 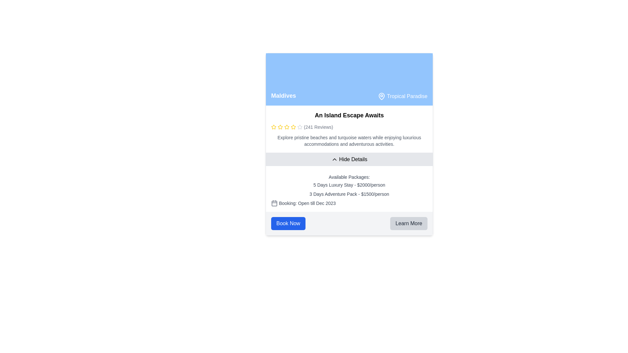 What do you see at coordinates (318, 127) in the screenshot?
I see `the Text label that indicates the number of reviews for the item, positioned to the right of the yellow-star icons and under the heading 'An Island Escape Awaits'` at bounding box center [318, 127].